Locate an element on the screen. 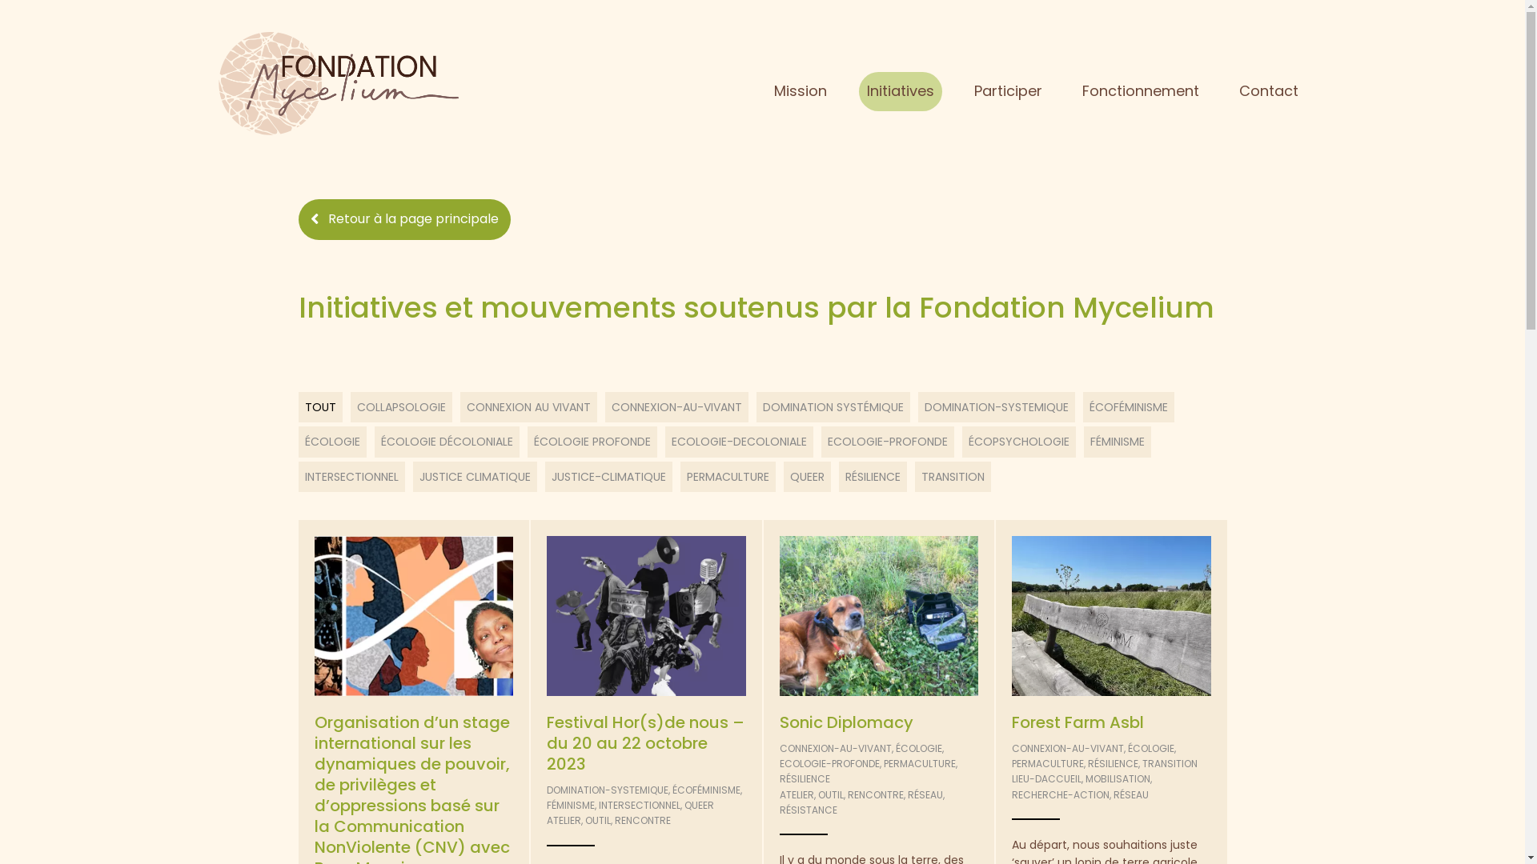 This screenshot has width=1537, height=864. 'Initiatives' is located at coordinates (900, 91).